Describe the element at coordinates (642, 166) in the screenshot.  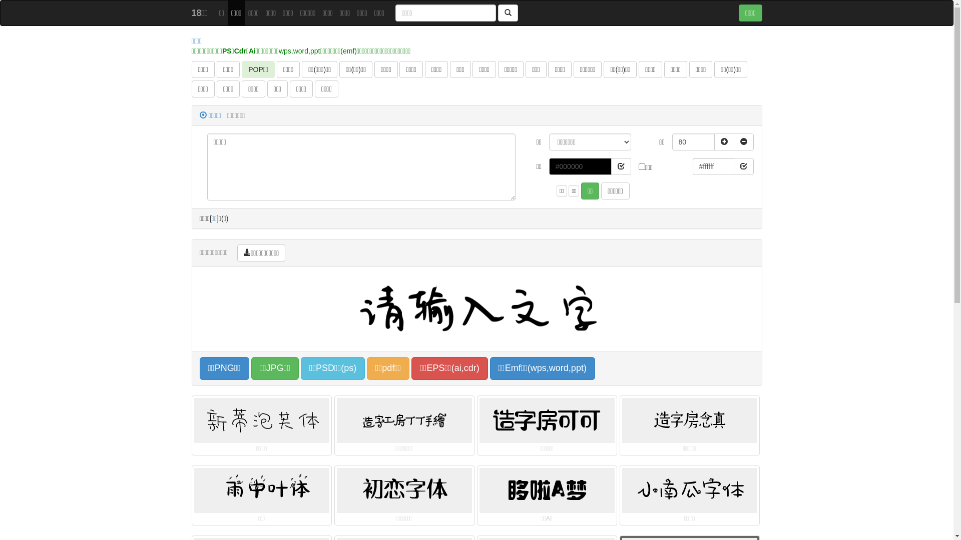
I see `'on'` at that location.